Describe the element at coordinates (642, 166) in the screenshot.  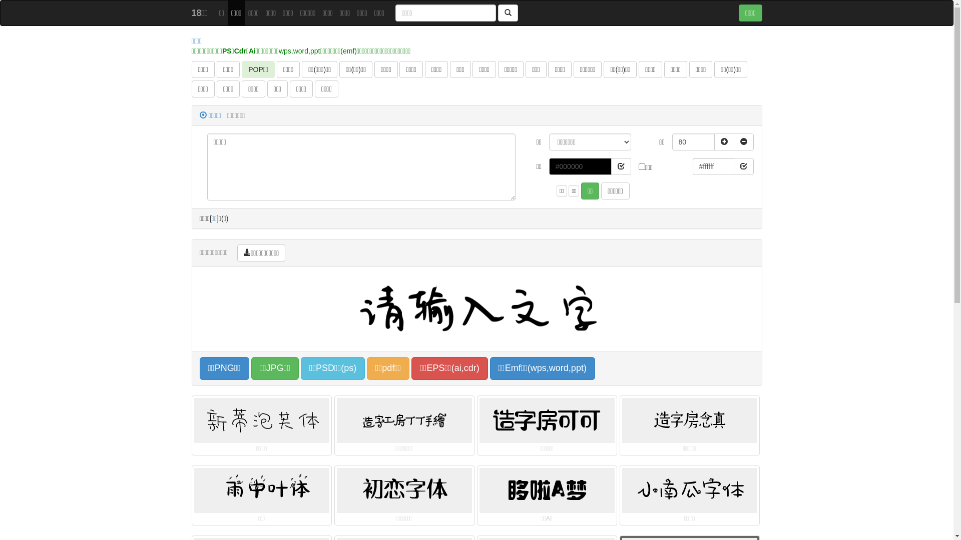
I see `'on'` at that location.